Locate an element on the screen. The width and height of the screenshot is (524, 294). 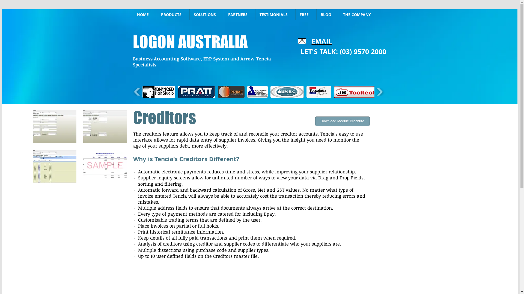
'BLOG' is located at coordinates (327, 14).